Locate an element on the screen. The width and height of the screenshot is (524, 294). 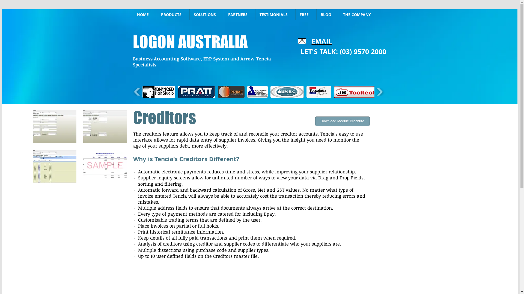
'BLOG' is located at coordinates (327, 14).